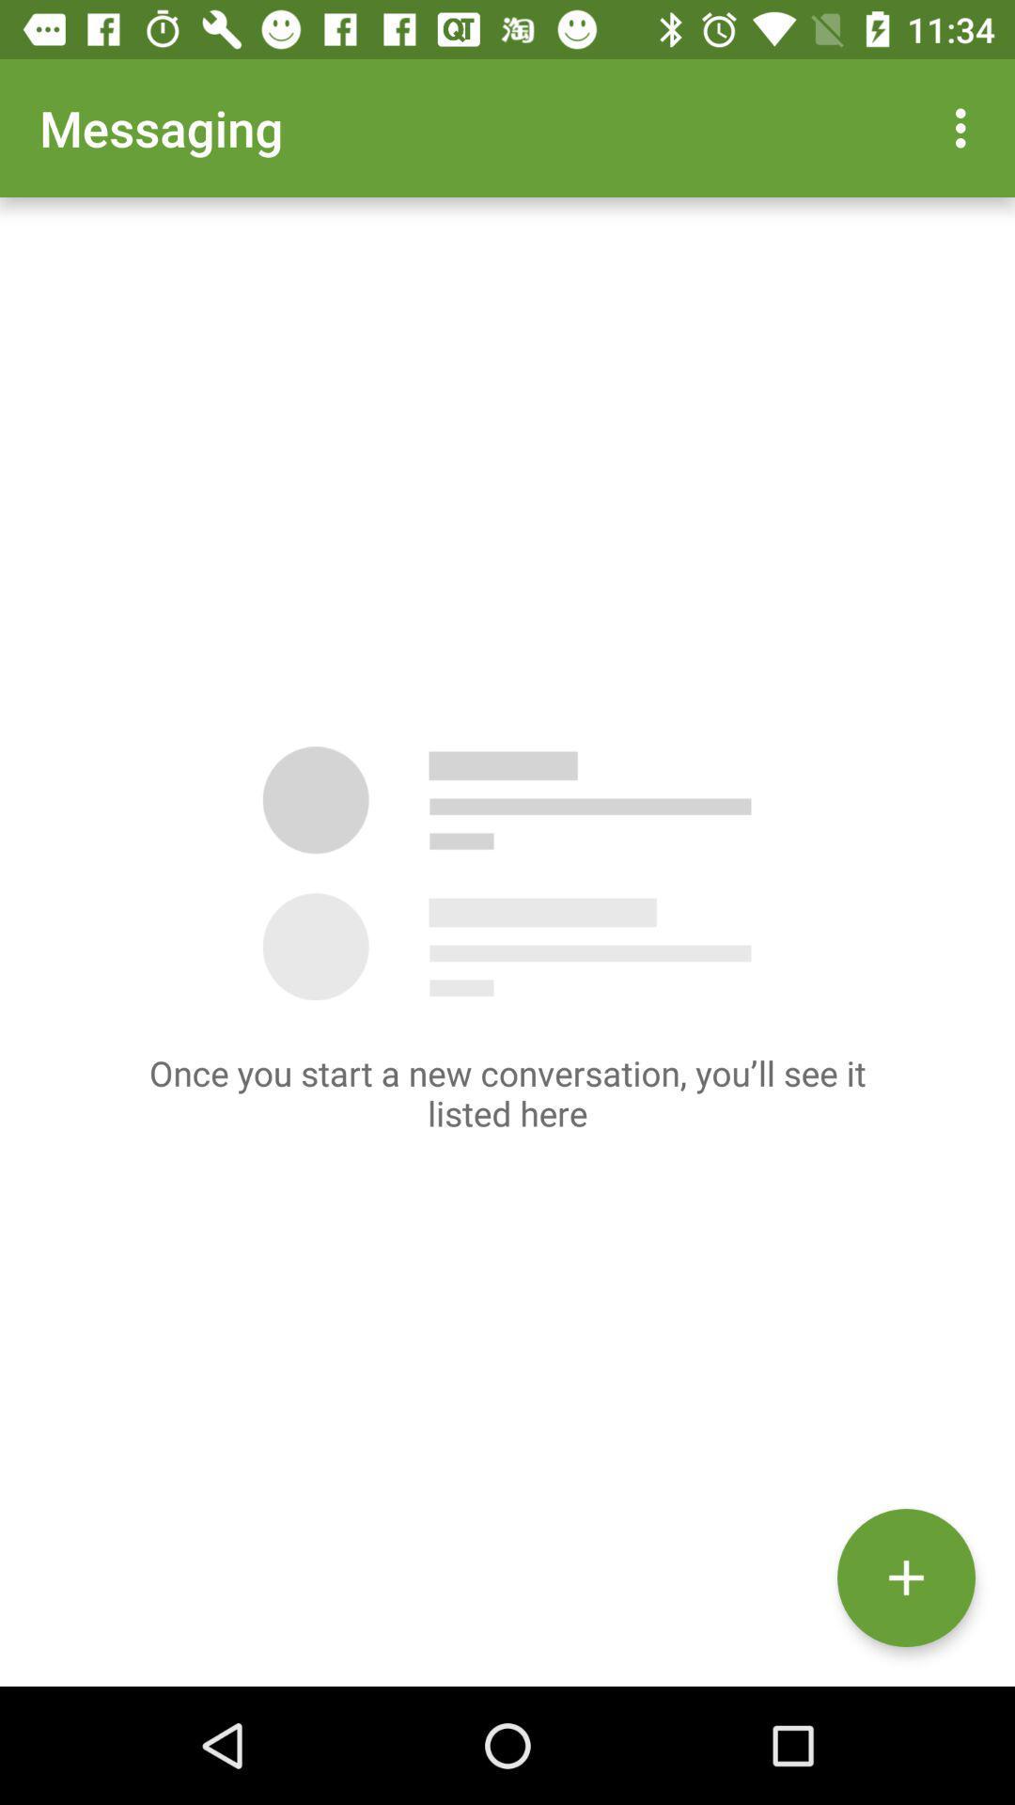 The height and width of the screenshot is (1805, 1015). I want to click on icon at the top right corner, so click(965, 127).